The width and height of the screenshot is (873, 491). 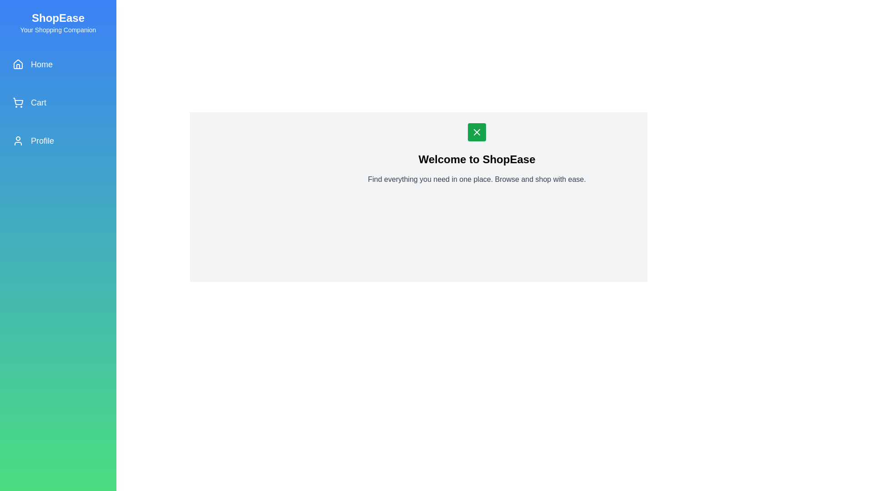 I want to click on the close icon button, which is represented by an 'X' shape with a green background, so click(x=477, y=132).